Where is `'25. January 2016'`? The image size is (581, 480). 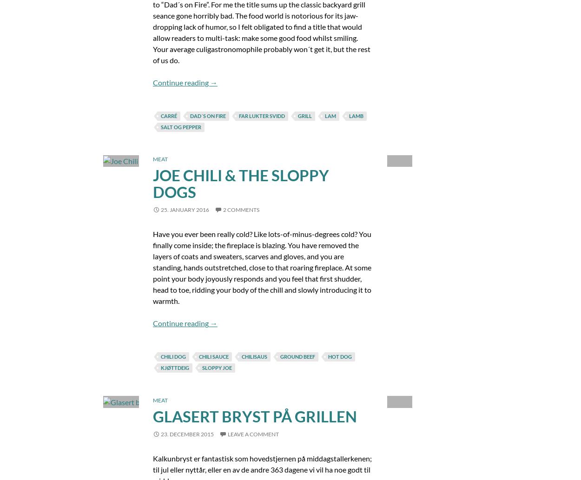
'25. January 2016' is located at coordinates (185, 210).